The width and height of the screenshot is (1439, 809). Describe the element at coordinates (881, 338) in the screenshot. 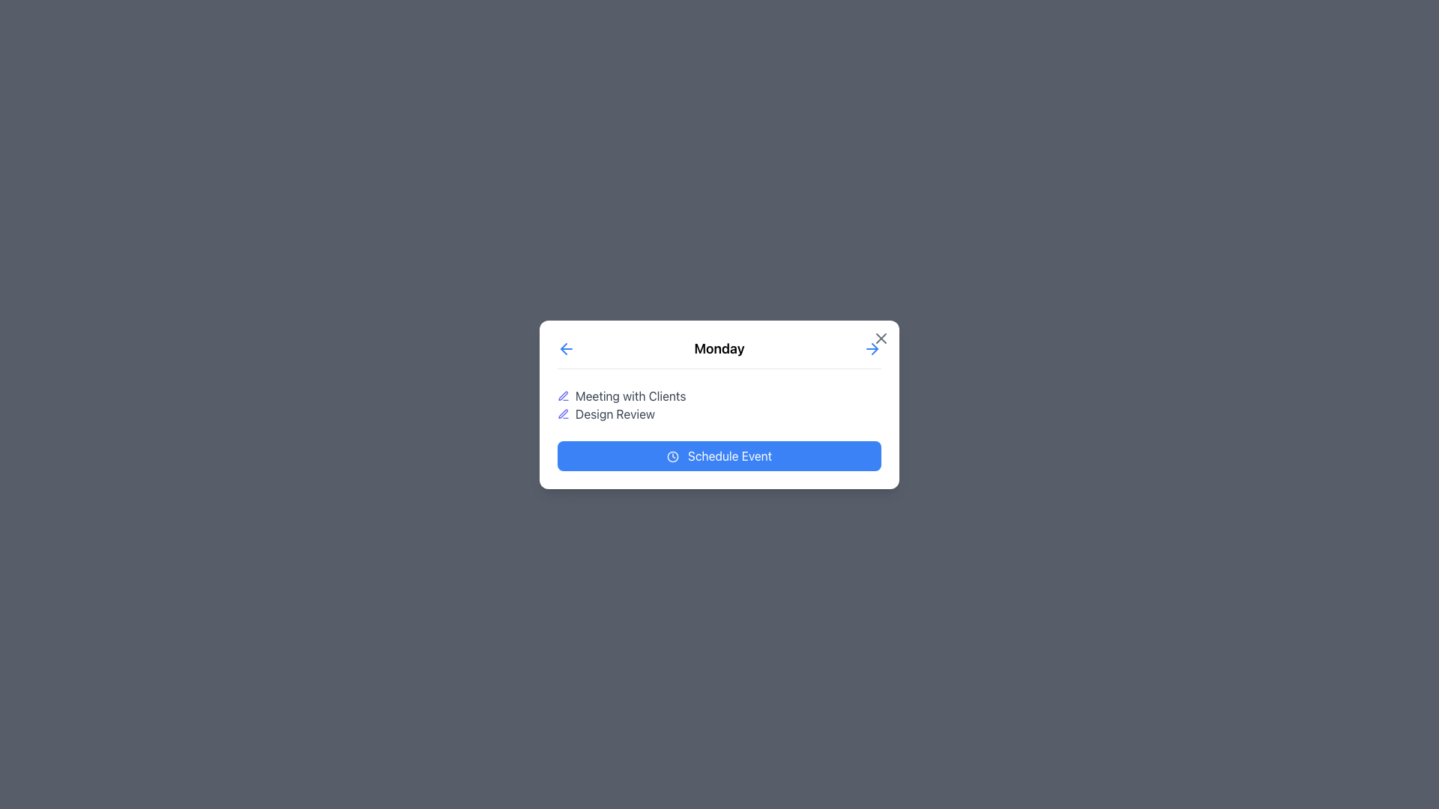

I see `the Close Button, which is styled as an 'X' icon located in the top-right corner of a white dialog box, to observe the color change effect` at that location.